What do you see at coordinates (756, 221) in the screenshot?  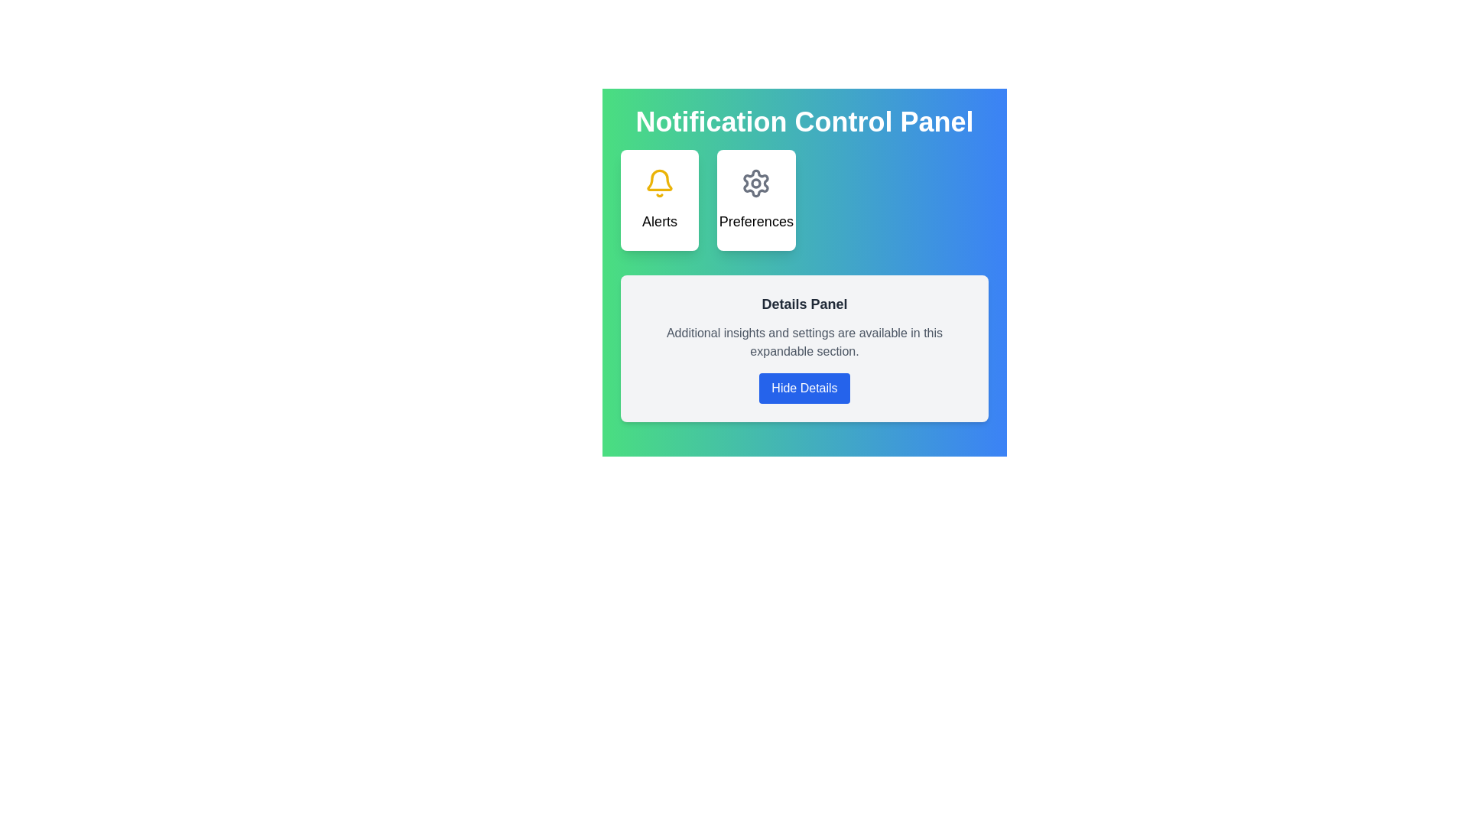 I see `the 'Preferences' text label, which is styled in a medium font weight and large text size, located in the bottom part of the card beneath a gear icon` at bounding box center [756, 221].